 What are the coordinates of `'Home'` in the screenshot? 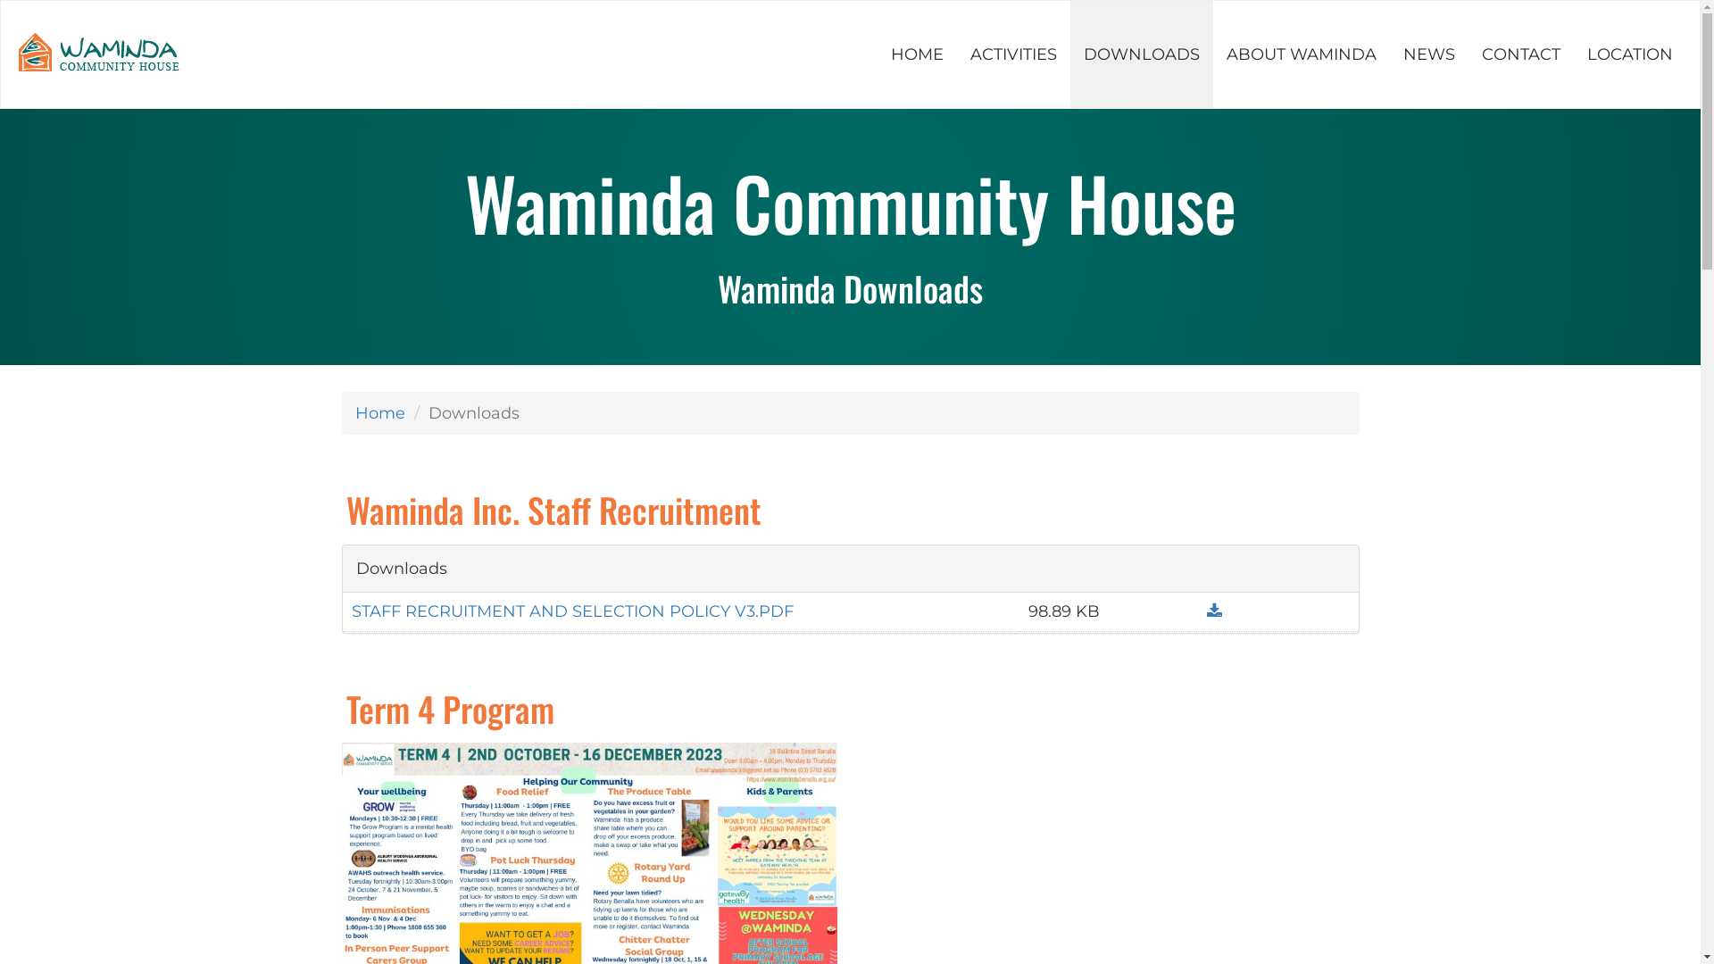 It's located at (379, 412).